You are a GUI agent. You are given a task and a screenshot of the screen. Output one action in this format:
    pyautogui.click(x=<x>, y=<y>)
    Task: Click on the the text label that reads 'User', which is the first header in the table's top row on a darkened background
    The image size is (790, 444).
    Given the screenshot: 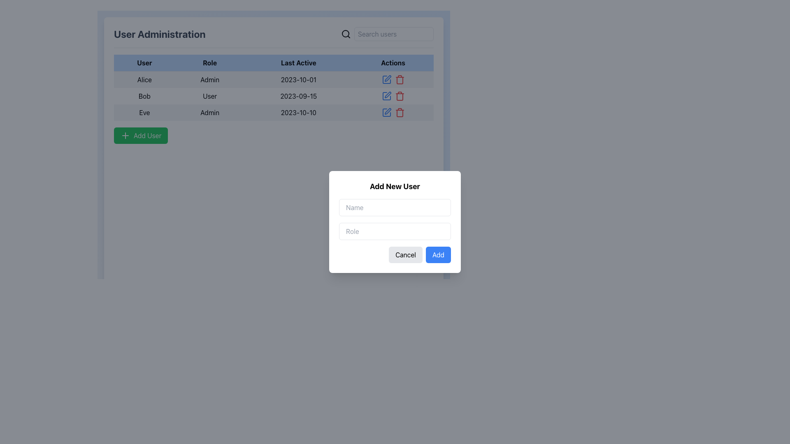 What is the action you would take?
    pyautogui.click(x=144, y=62)
    